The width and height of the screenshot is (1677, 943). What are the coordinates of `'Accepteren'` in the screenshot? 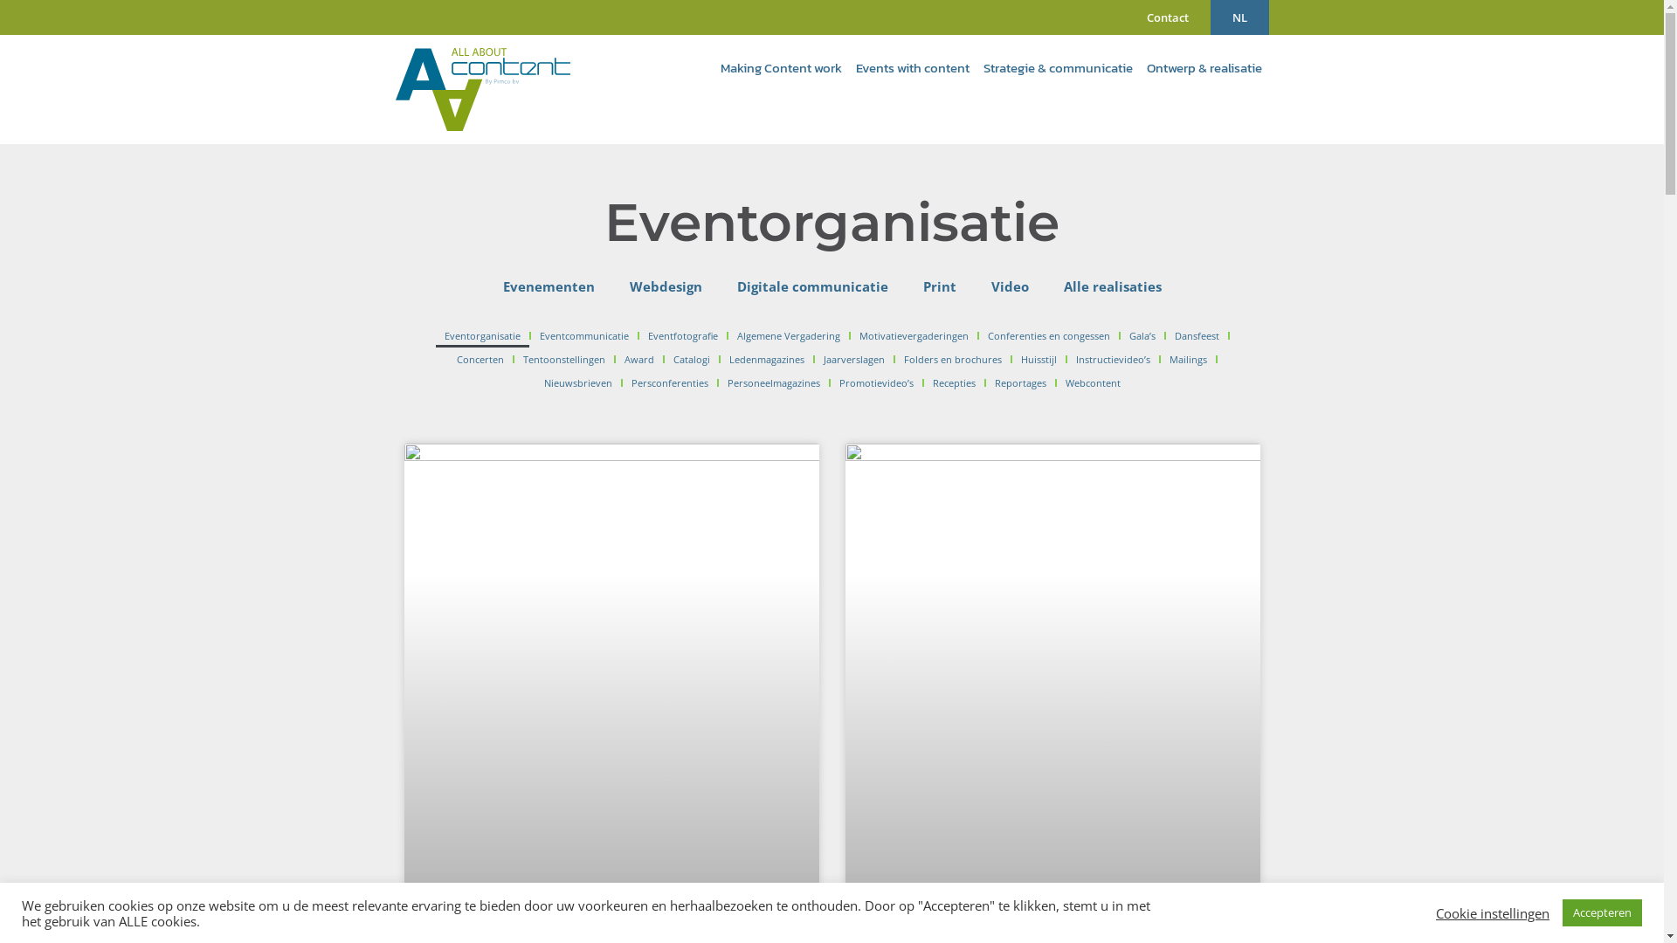 It's located at (1602, 912).